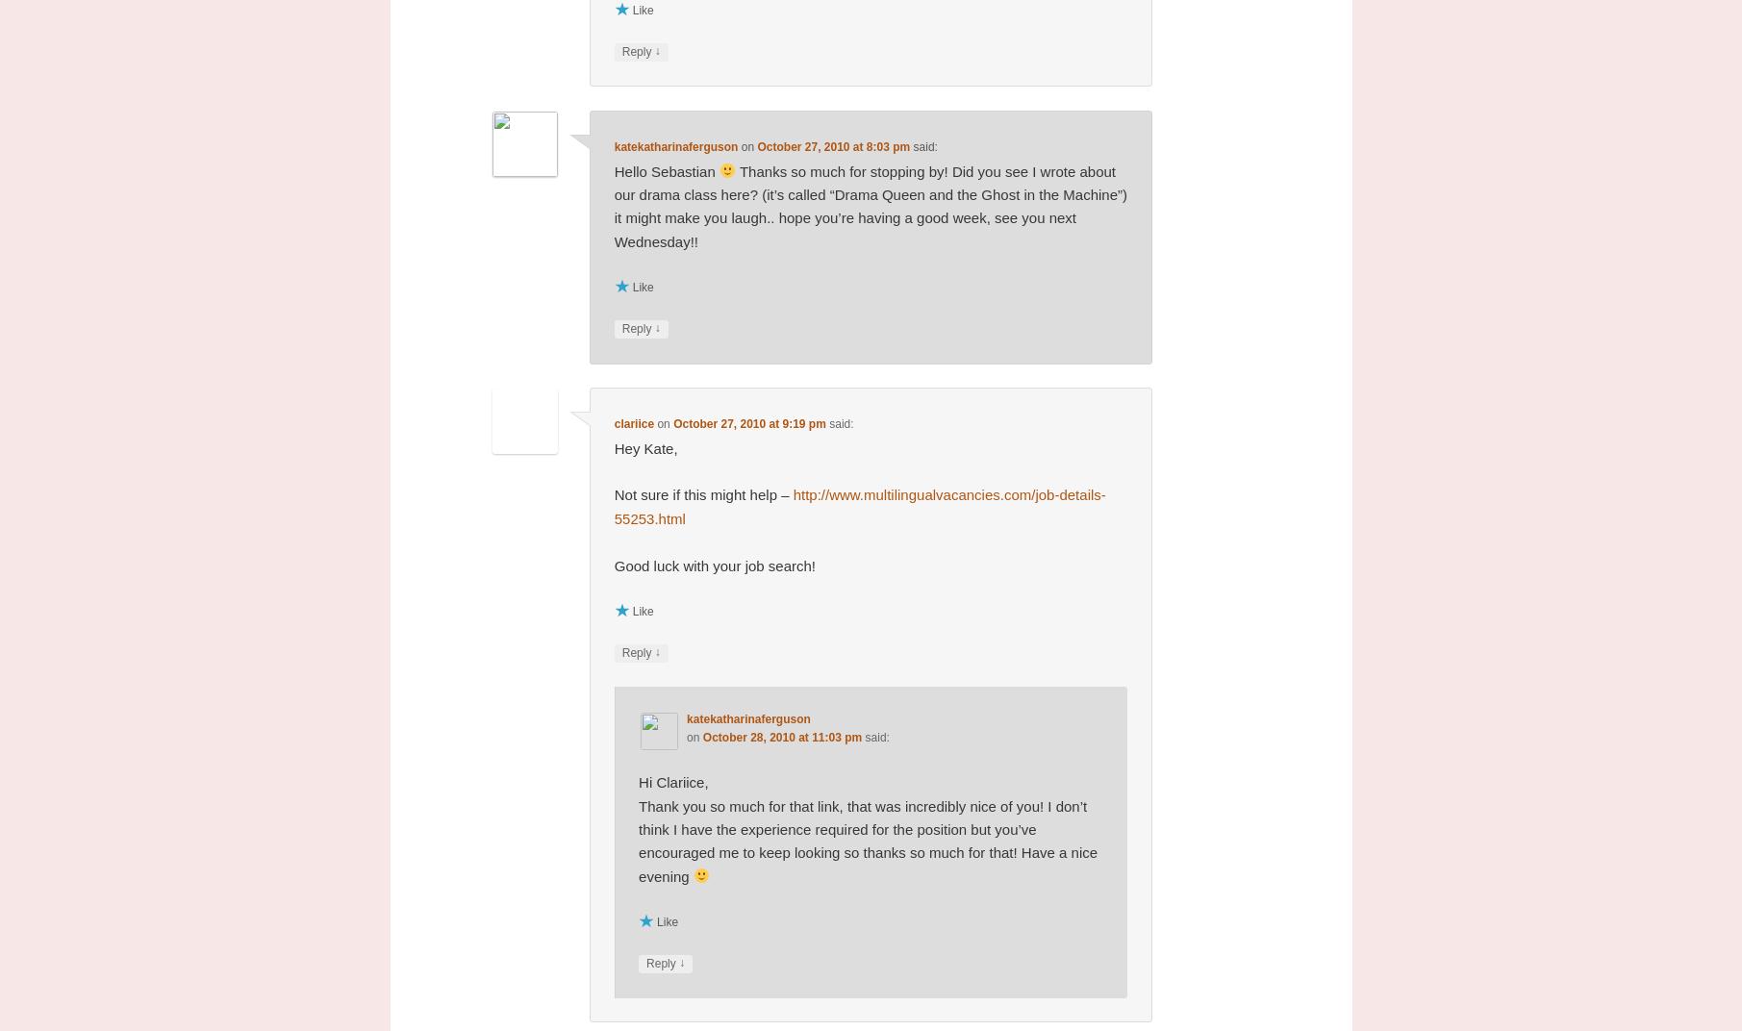 This screenshot has width=1742, height=1031. What do you see at coordinates (634, 423) in the screenshot?
I see `'clariice'` at bounding box center [634, 423].